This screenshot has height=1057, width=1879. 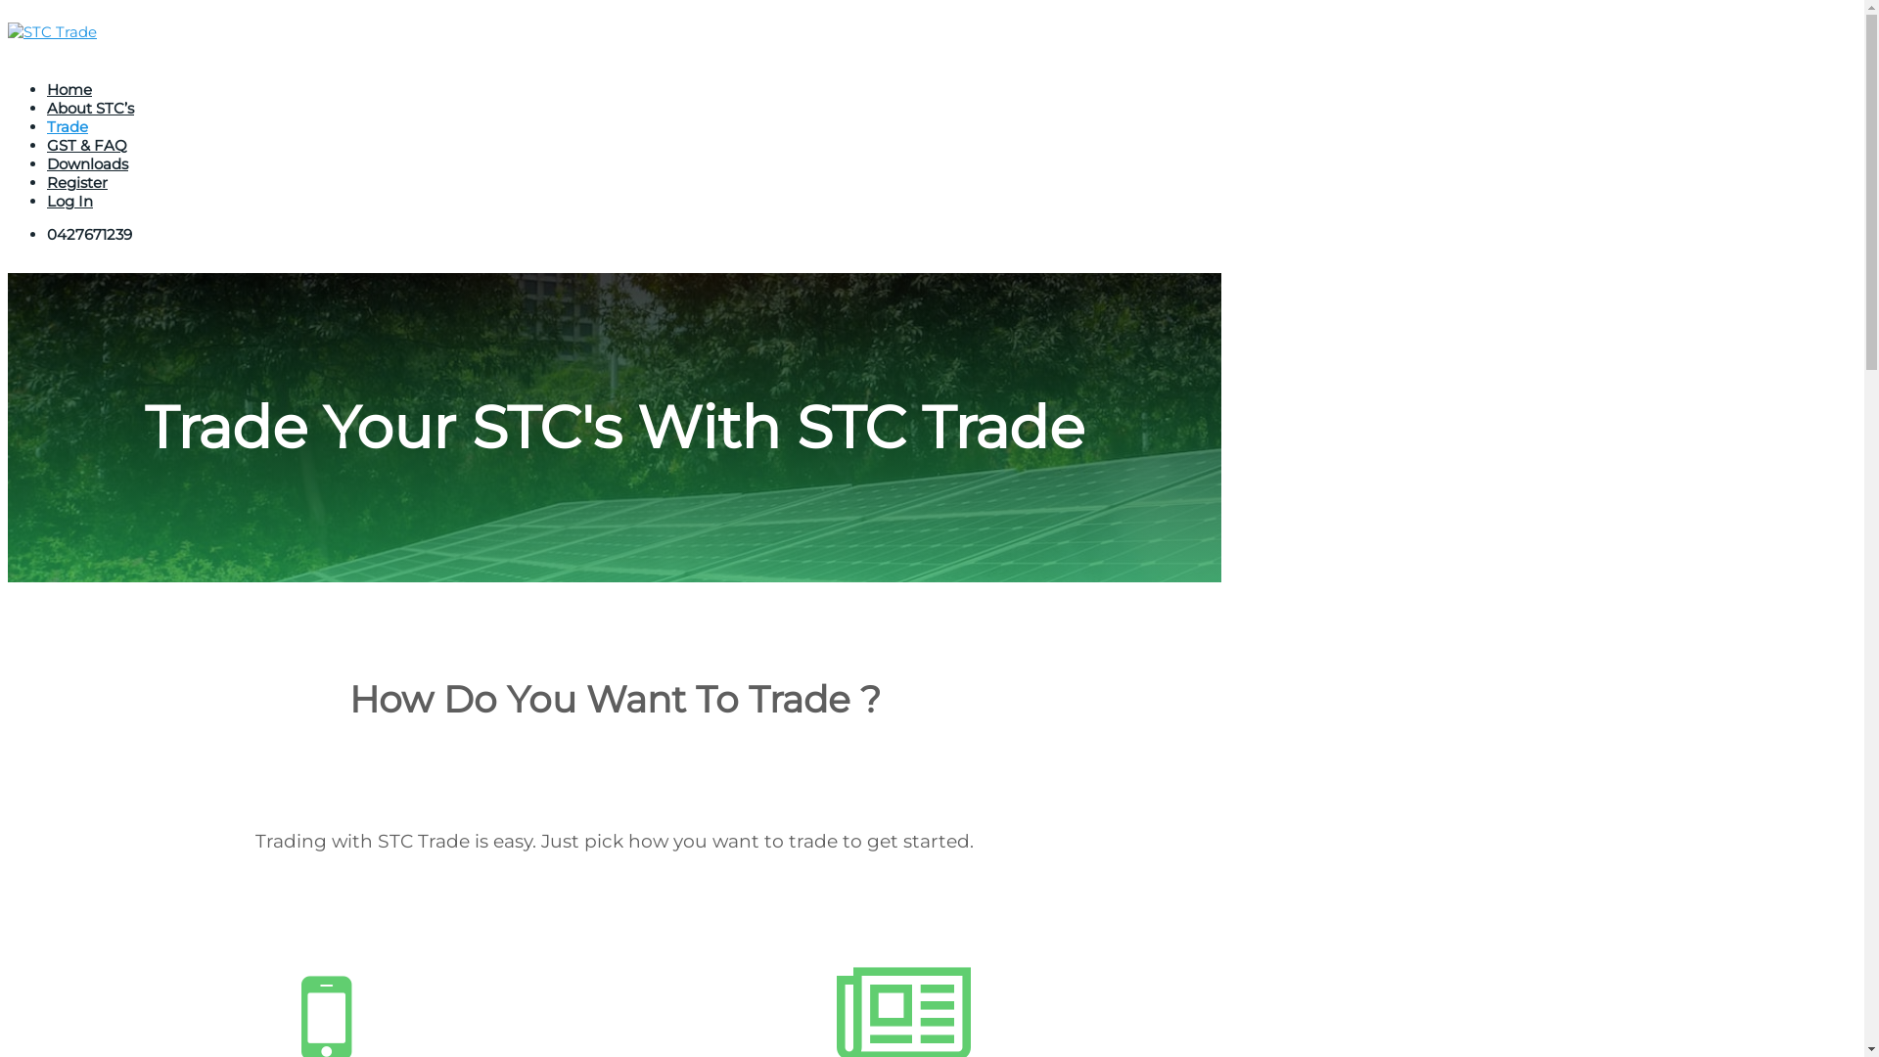 I want to click on 'Trade', so click(x=67, y=126).